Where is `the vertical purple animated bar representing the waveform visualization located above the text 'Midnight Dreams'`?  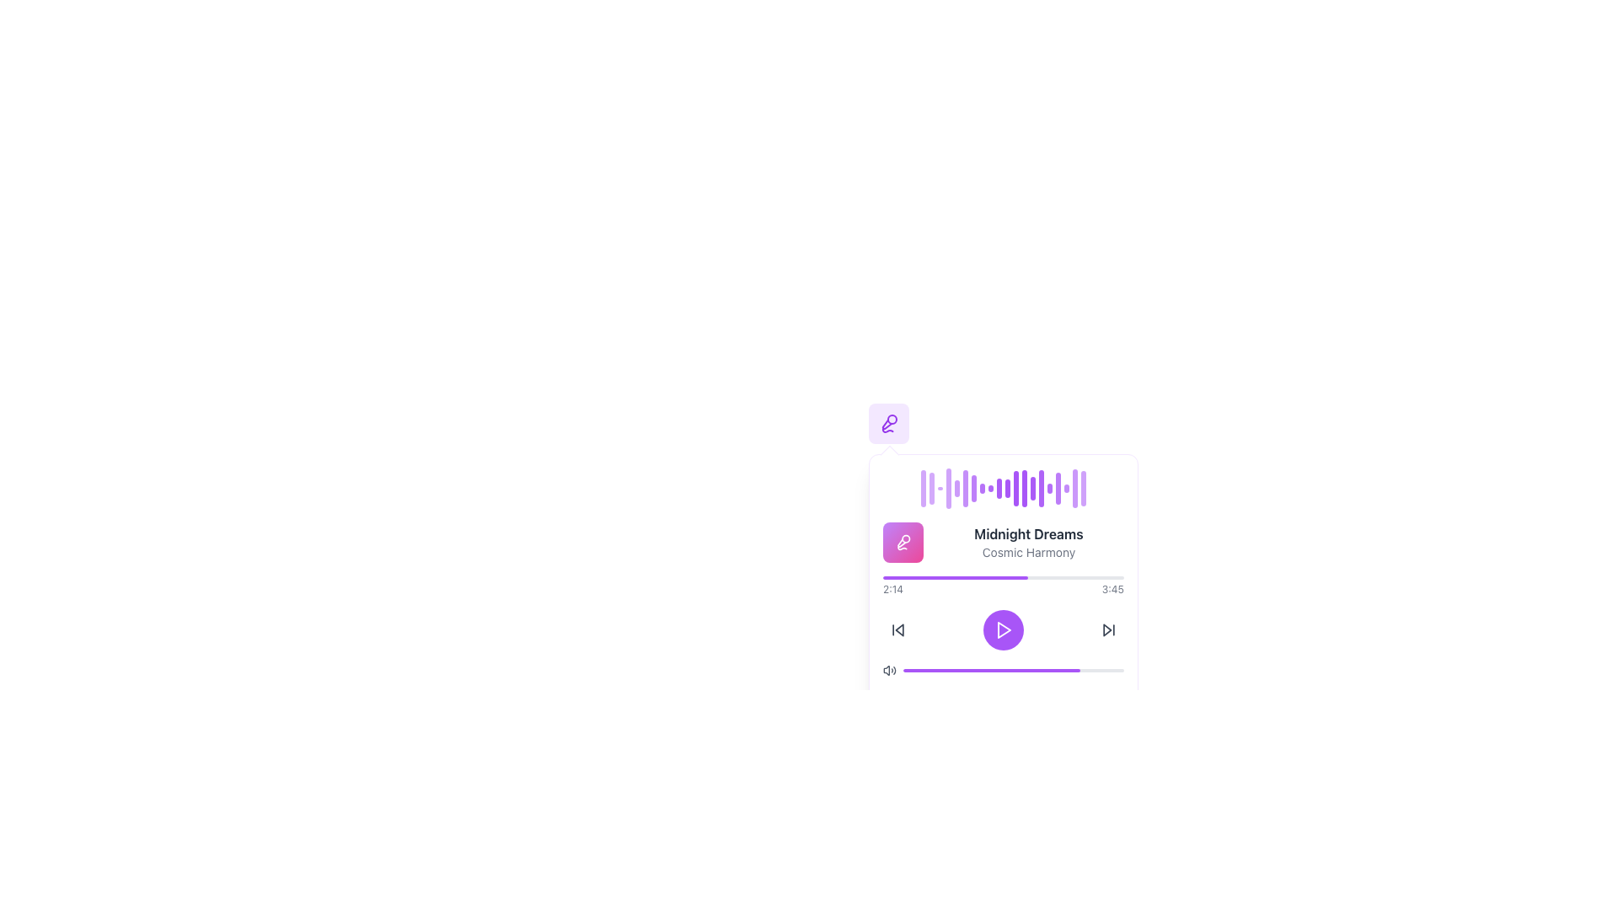 the vertical purple animated bar representing the waveform visualization located above the text 'Midnight Dreams' is located at coordinates (1058, 488).